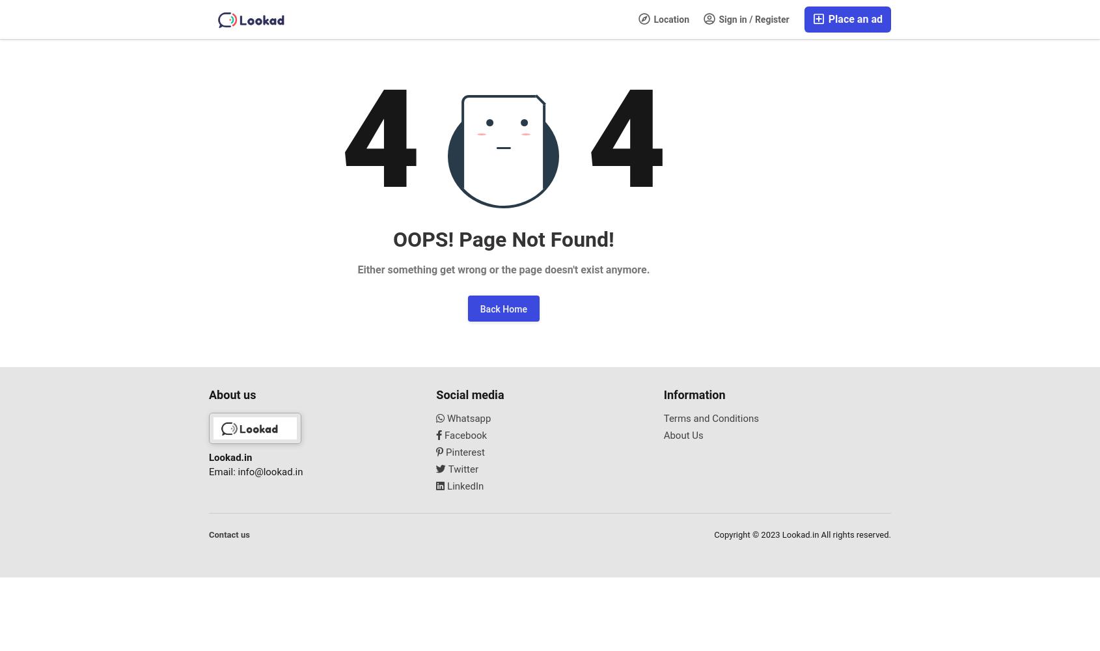 Image resolution: width=1100 pixels, height=651 pixels. What do you see at coordinates (503, 239) in the screenshot?
I see `'OOPS! Page Not Found!'` at bounding box center [503, 239].